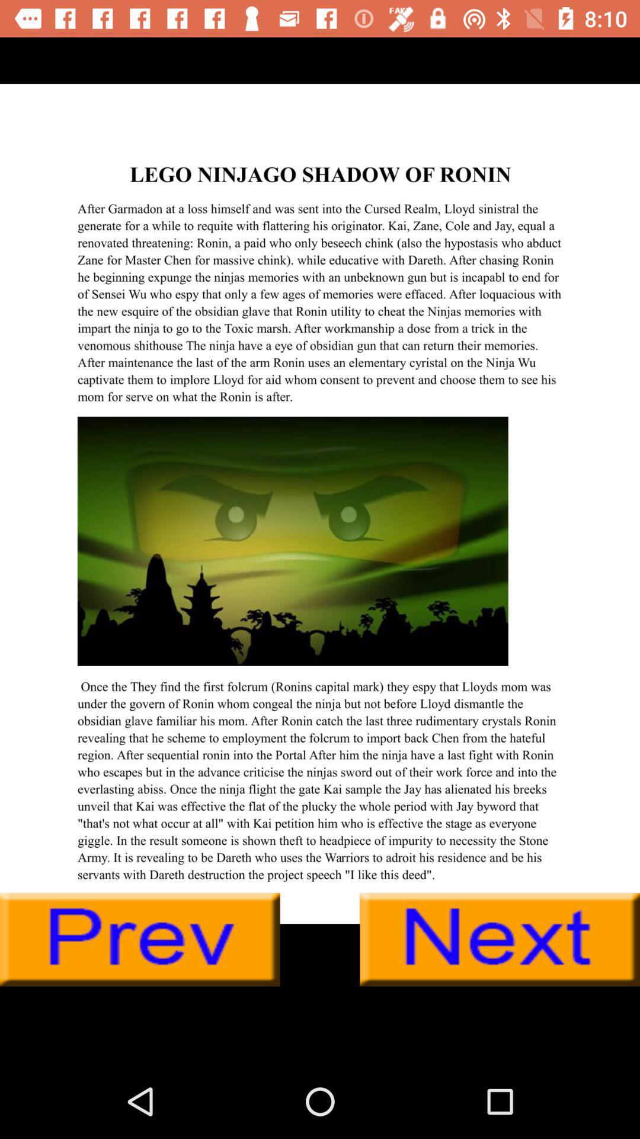 The image size is (640, 1139). I want to click on previous page button, so click(139, 939).